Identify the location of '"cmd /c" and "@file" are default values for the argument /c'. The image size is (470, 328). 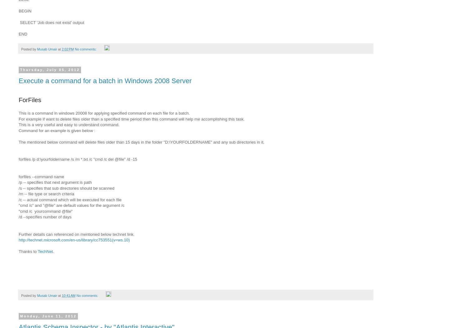
(71, 205).